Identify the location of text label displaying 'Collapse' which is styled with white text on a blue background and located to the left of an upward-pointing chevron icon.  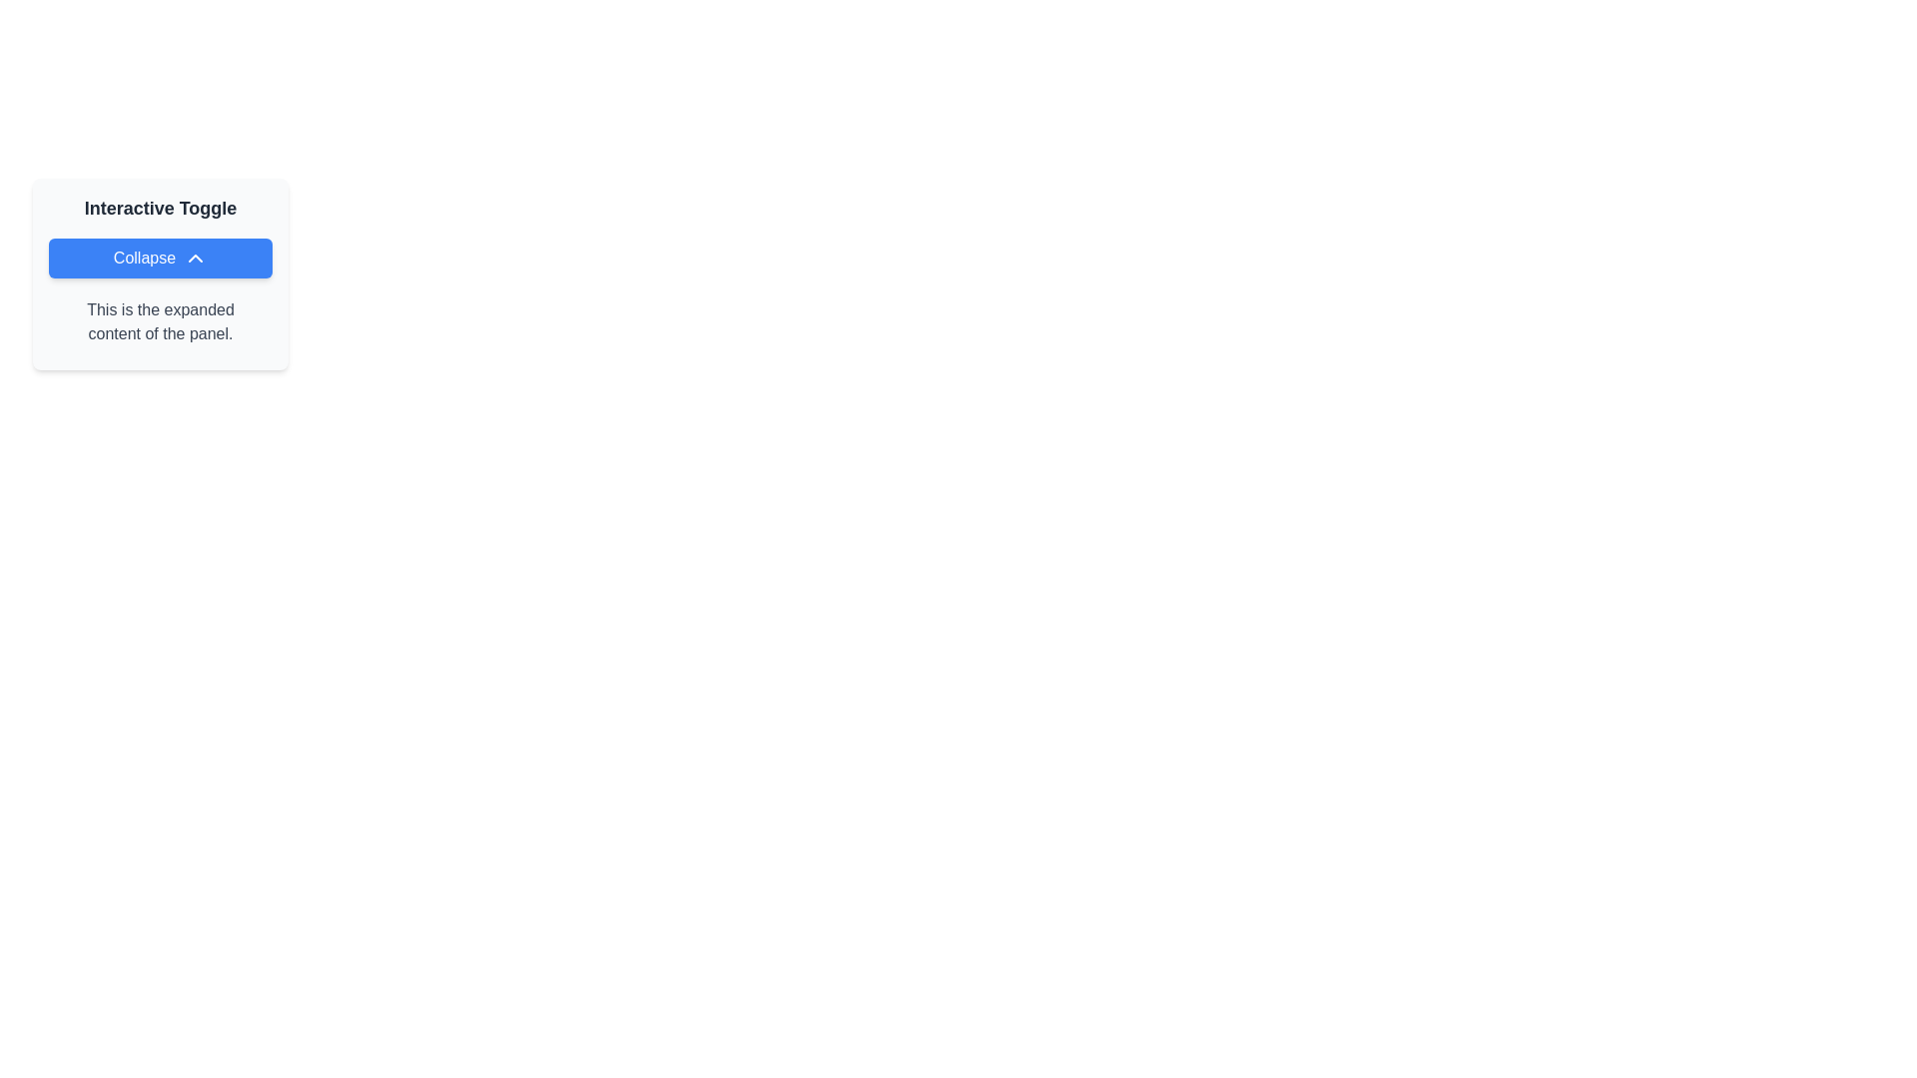
(143, 257).